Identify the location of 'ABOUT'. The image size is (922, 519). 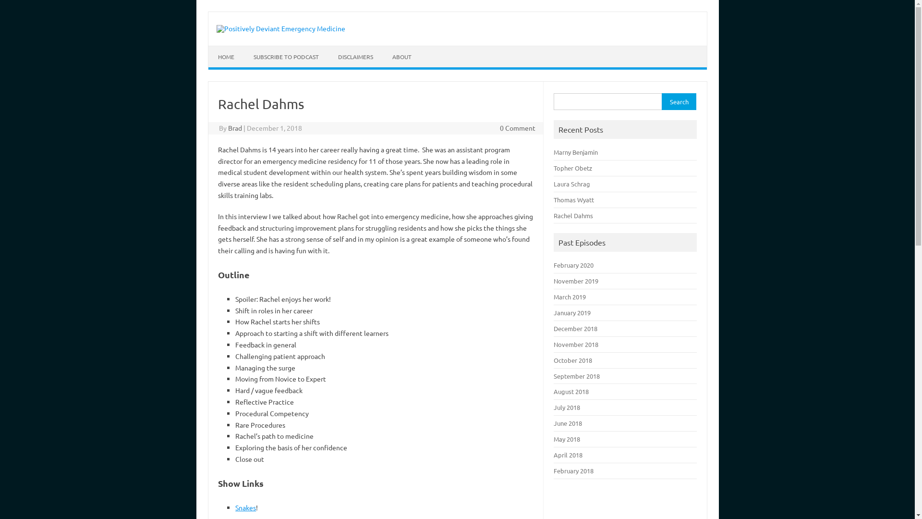
(401, 57).